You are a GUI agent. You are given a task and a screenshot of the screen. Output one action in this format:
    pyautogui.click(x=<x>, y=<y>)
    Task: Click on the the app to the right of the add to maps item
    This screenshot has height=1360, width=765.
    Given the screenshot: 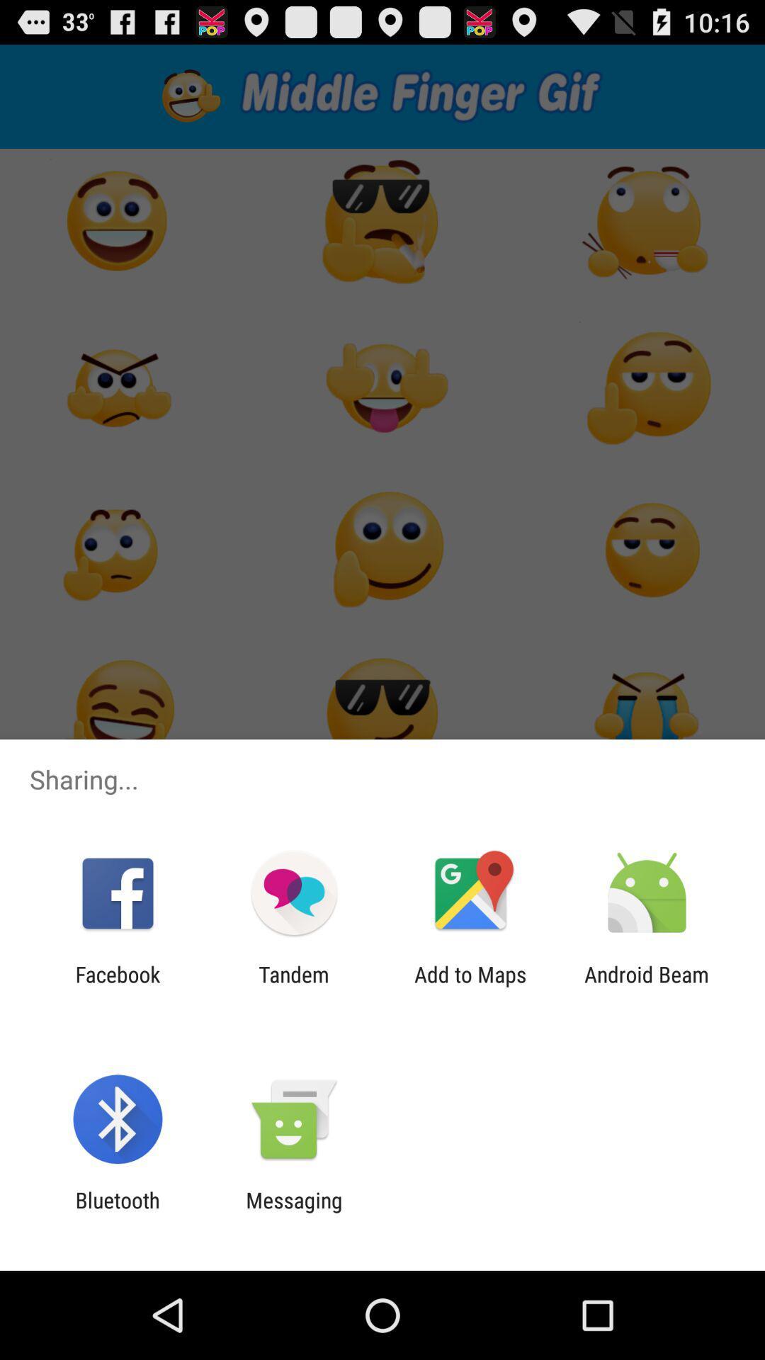 What is the action you would take?
    pyautogui.click(x=647, y=986)
    